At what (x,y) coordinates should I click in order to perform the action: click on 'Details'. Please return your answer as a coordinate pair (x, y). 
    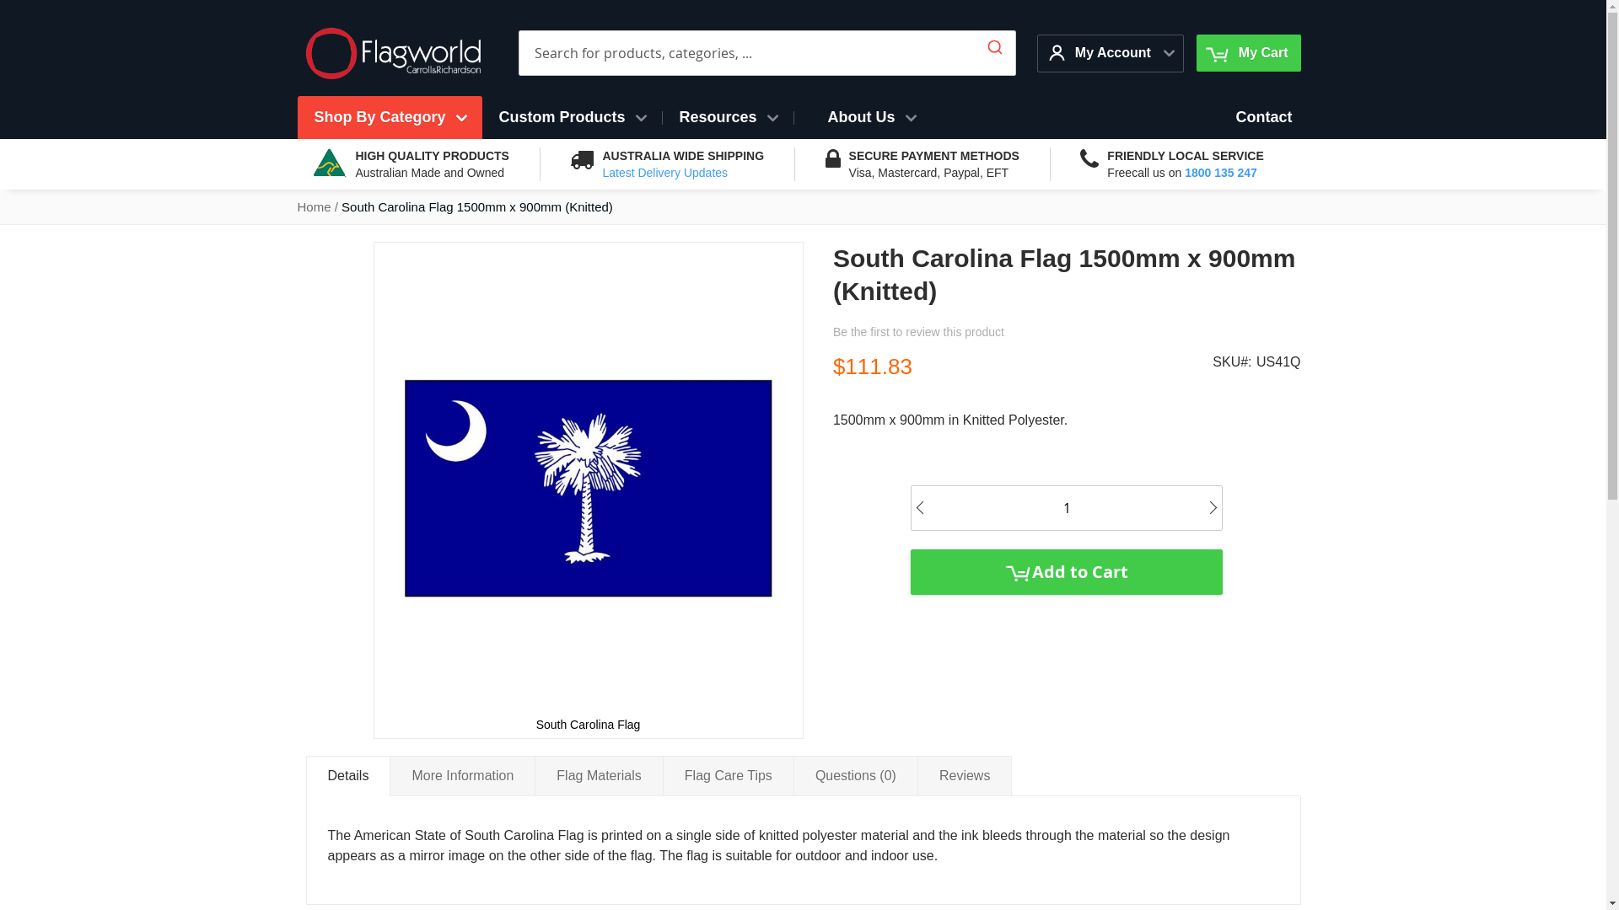
    Looking at the image, I should click on (304, 776).